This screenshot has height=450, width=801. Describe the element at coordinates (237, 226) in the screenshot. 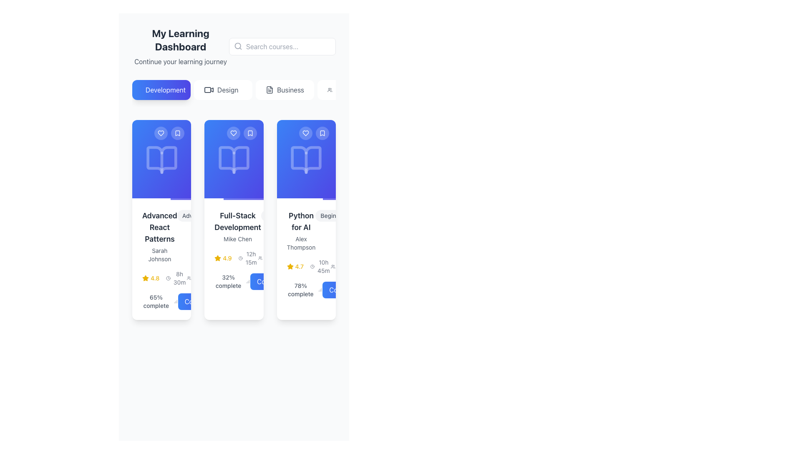

I see `text content of the Text block that displays the title and author of a course, located in the middle card of the 'Development' section on the 'My Learning Dashboard'` at that location.